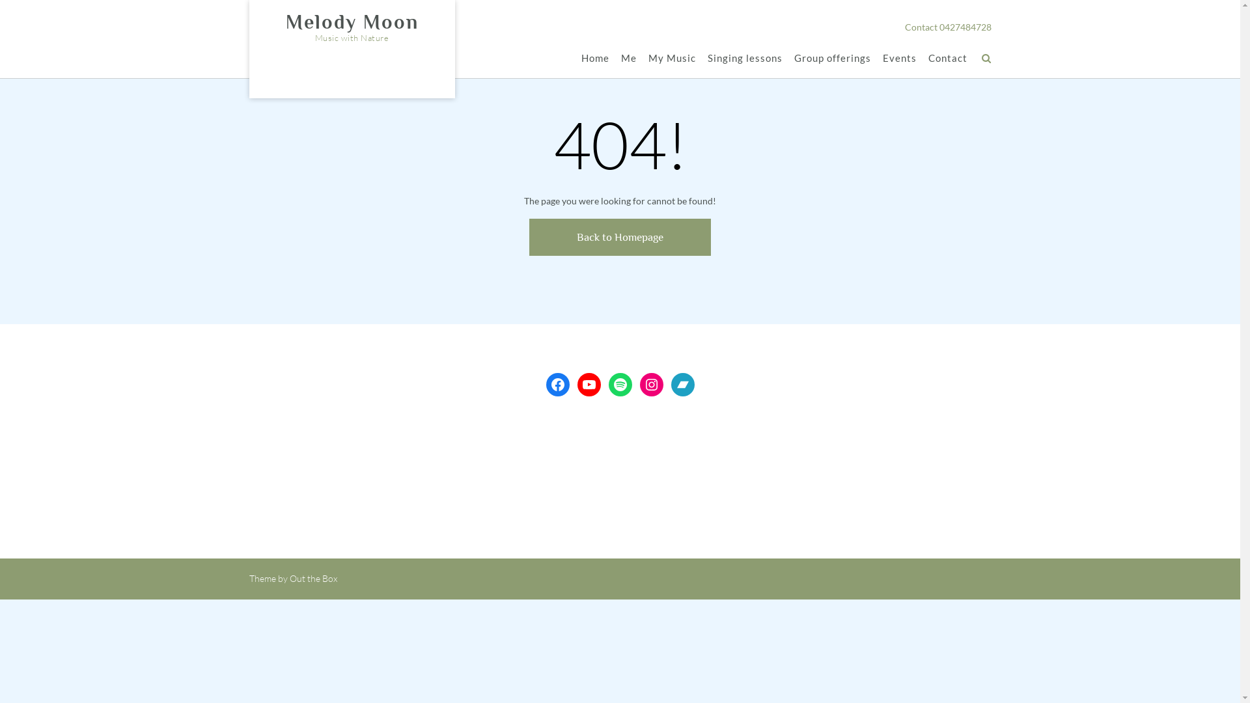 This screenshot has height=703, width=1250. What do you see at coordinates (546, 383) in the screenshot?
I see `'Facebook'` at bounding box center [546, 383].